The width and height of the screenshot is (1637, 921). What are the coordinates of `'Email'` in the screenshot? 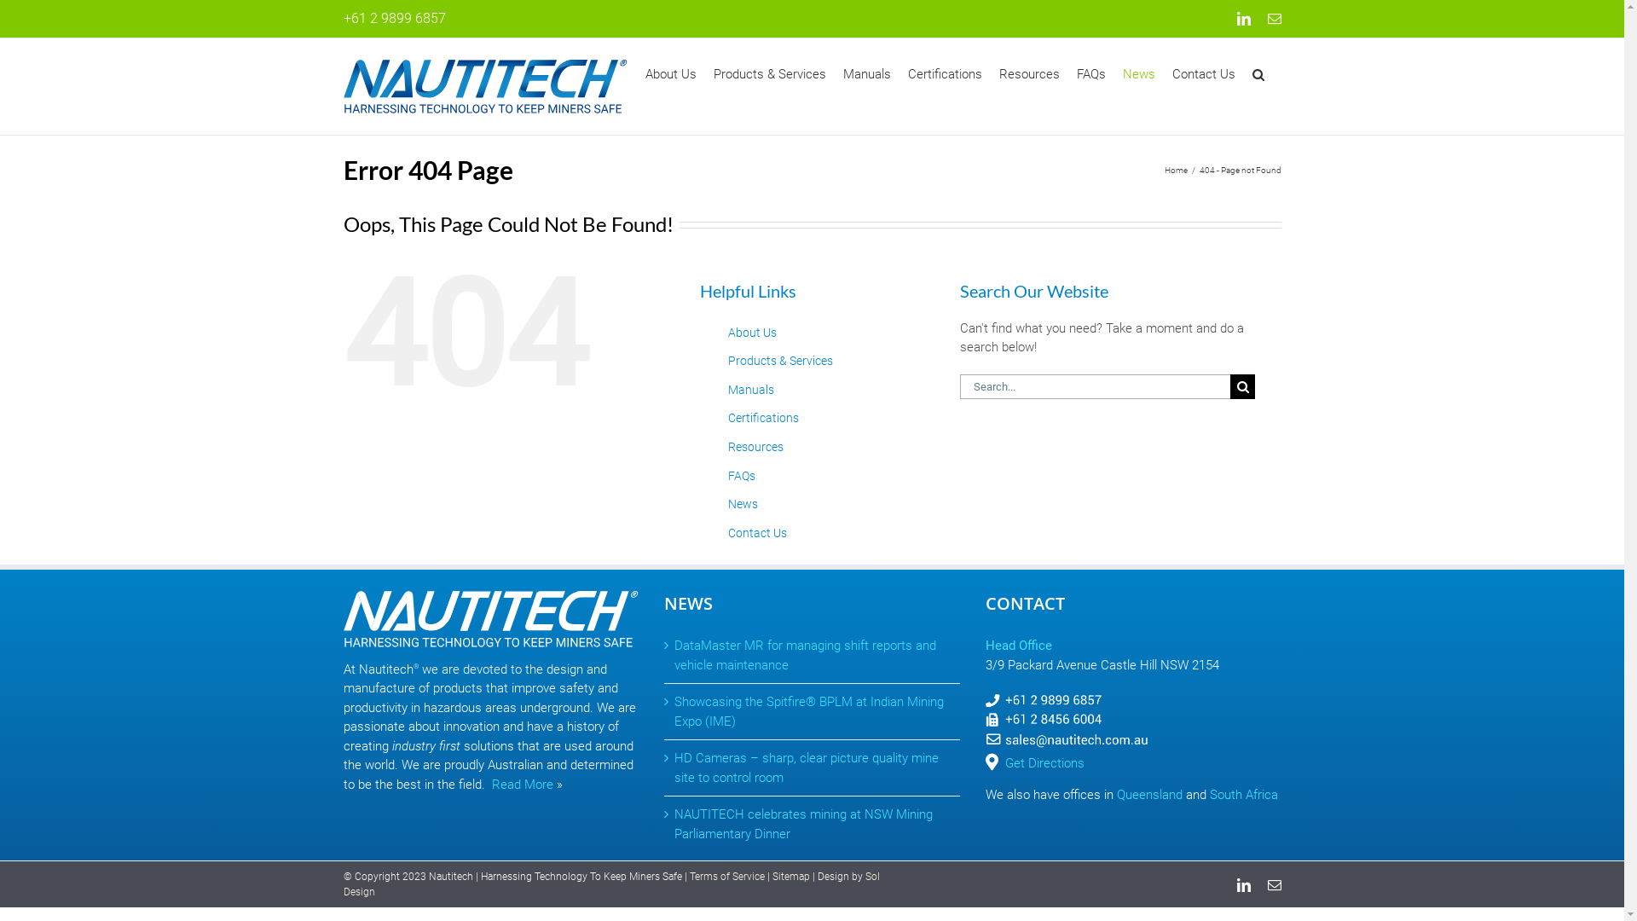 It's located at (1273, 883).